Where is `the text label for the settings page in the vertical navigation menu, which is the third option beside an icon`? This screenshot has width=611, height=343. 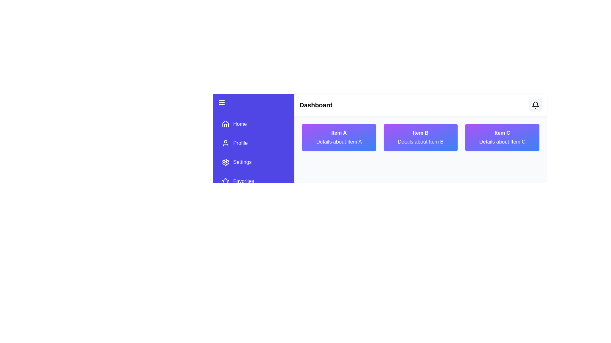
the text label for the settings page in the vertical navigation menu, which is the third option beside an icon is located at coordinates (242, 162).